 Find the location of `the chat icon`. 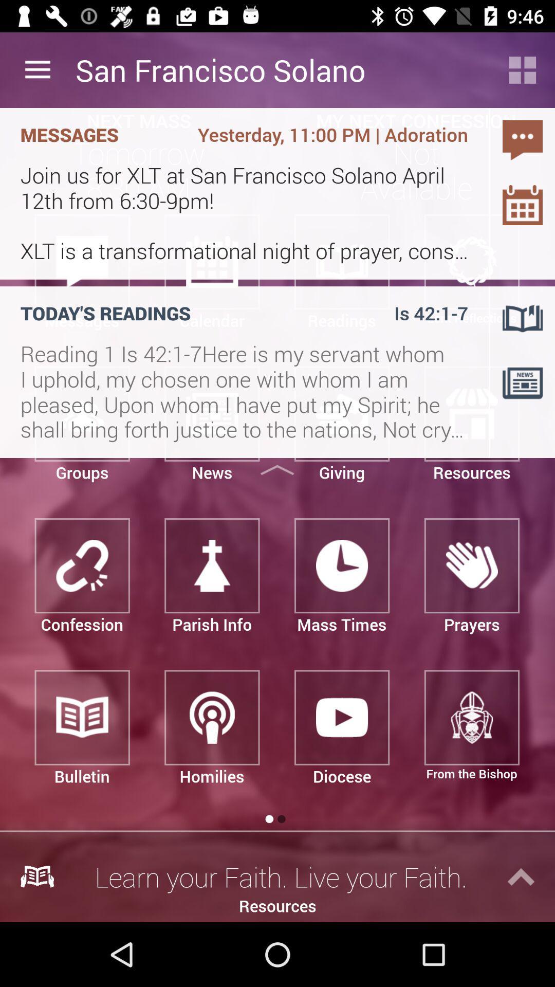

the chat icon is located at coordinates (523, 140).